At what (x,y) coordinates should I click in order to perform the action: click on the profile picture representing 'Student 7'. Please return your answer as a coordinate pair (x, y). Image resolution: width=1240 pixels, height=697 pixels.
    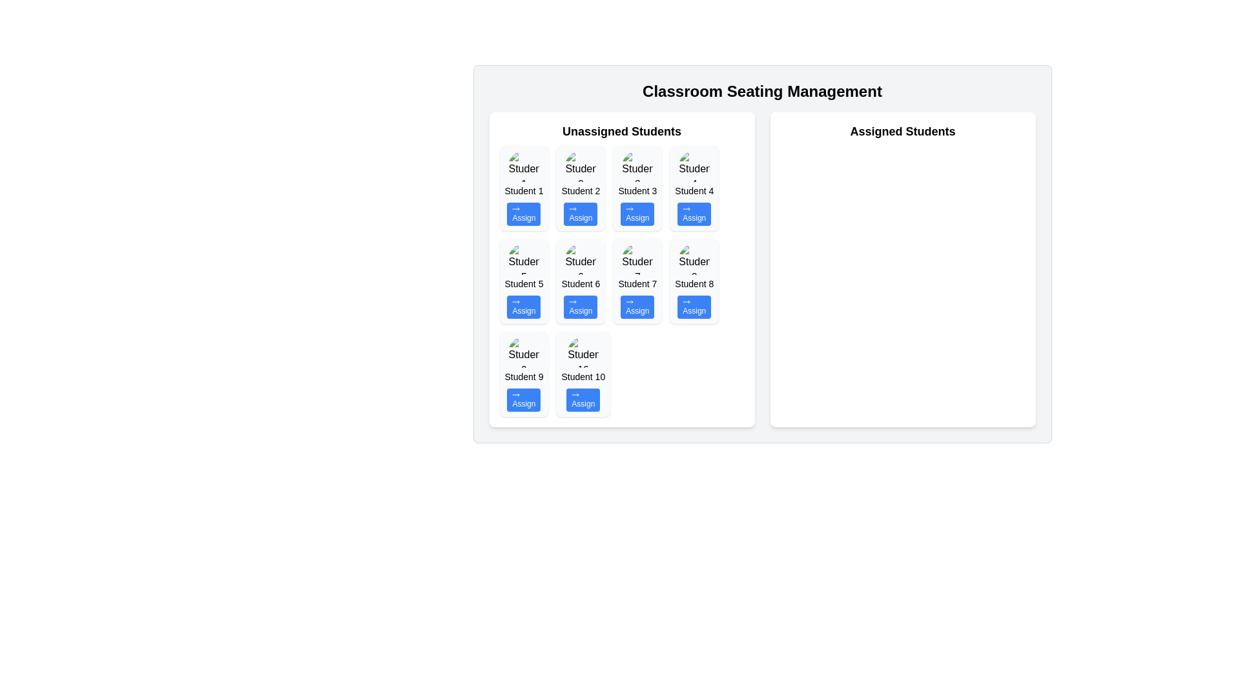
    Looking at the image, I should click on (637, 259).